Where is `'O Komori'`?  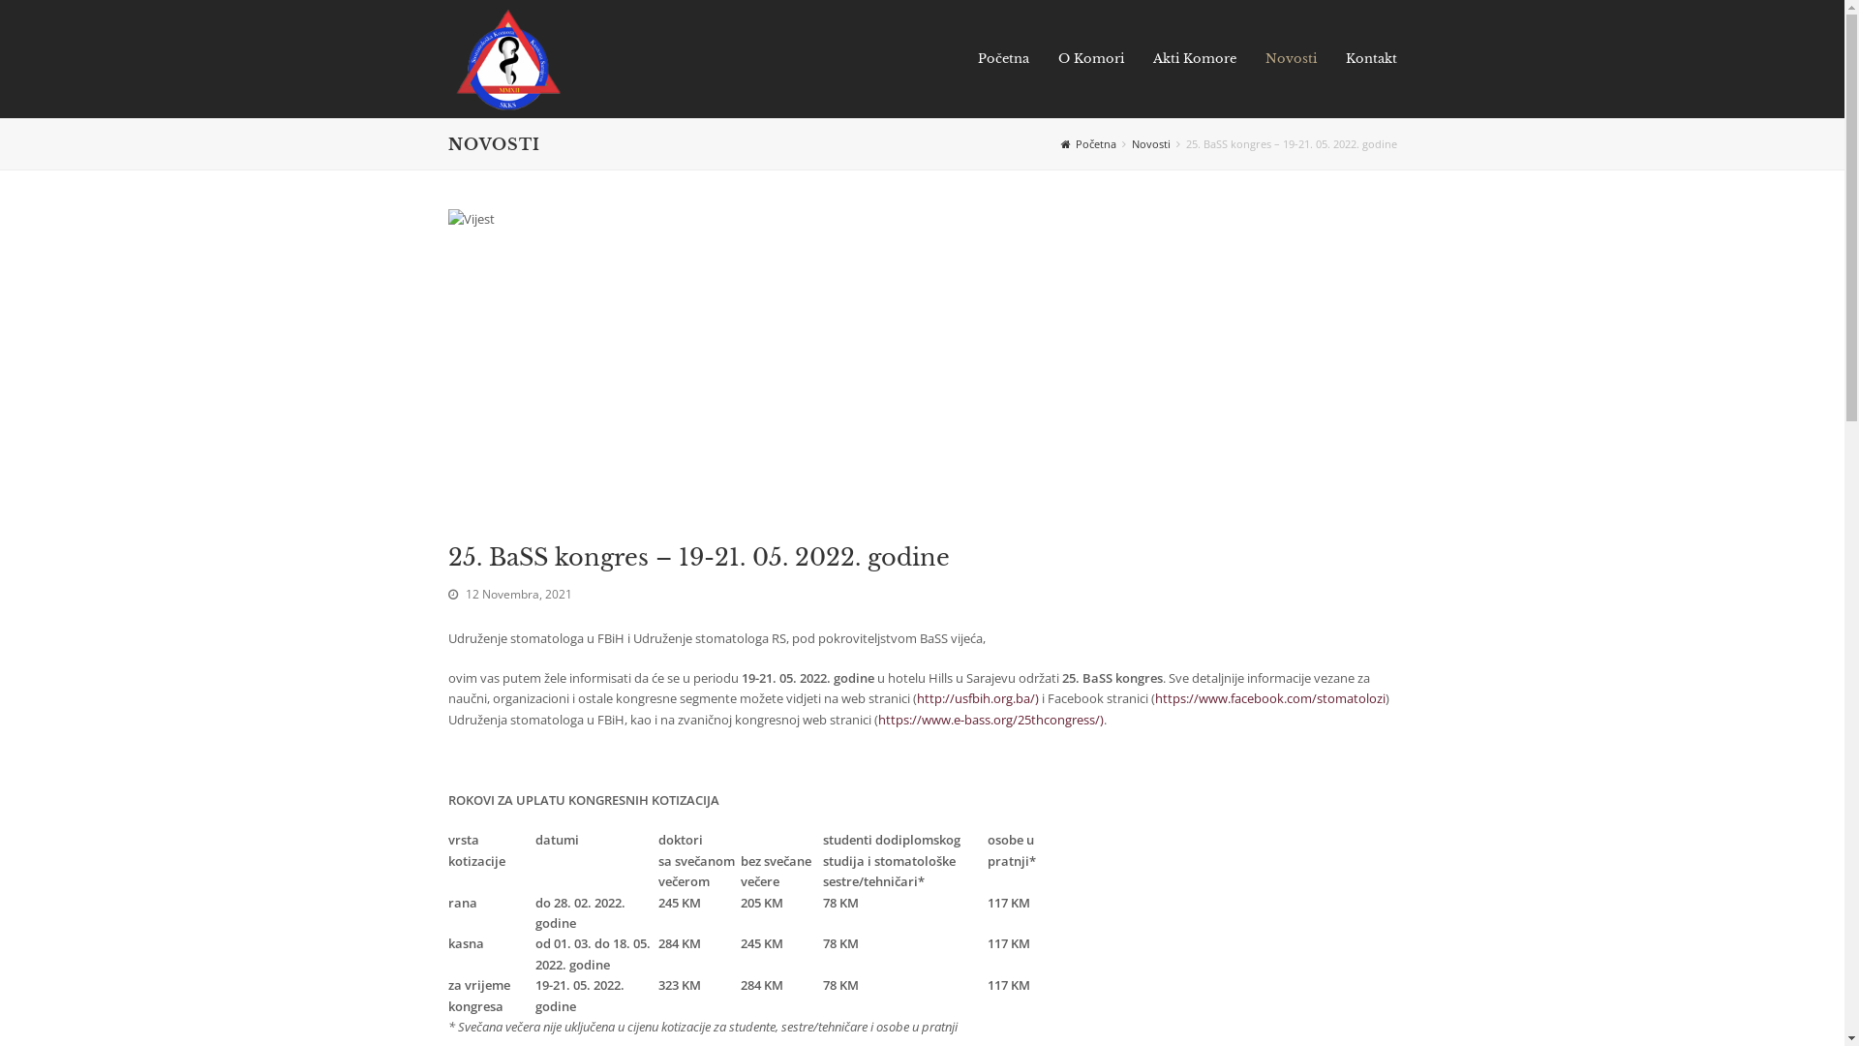 'O Komori' is located at coordinates (1091, 58).